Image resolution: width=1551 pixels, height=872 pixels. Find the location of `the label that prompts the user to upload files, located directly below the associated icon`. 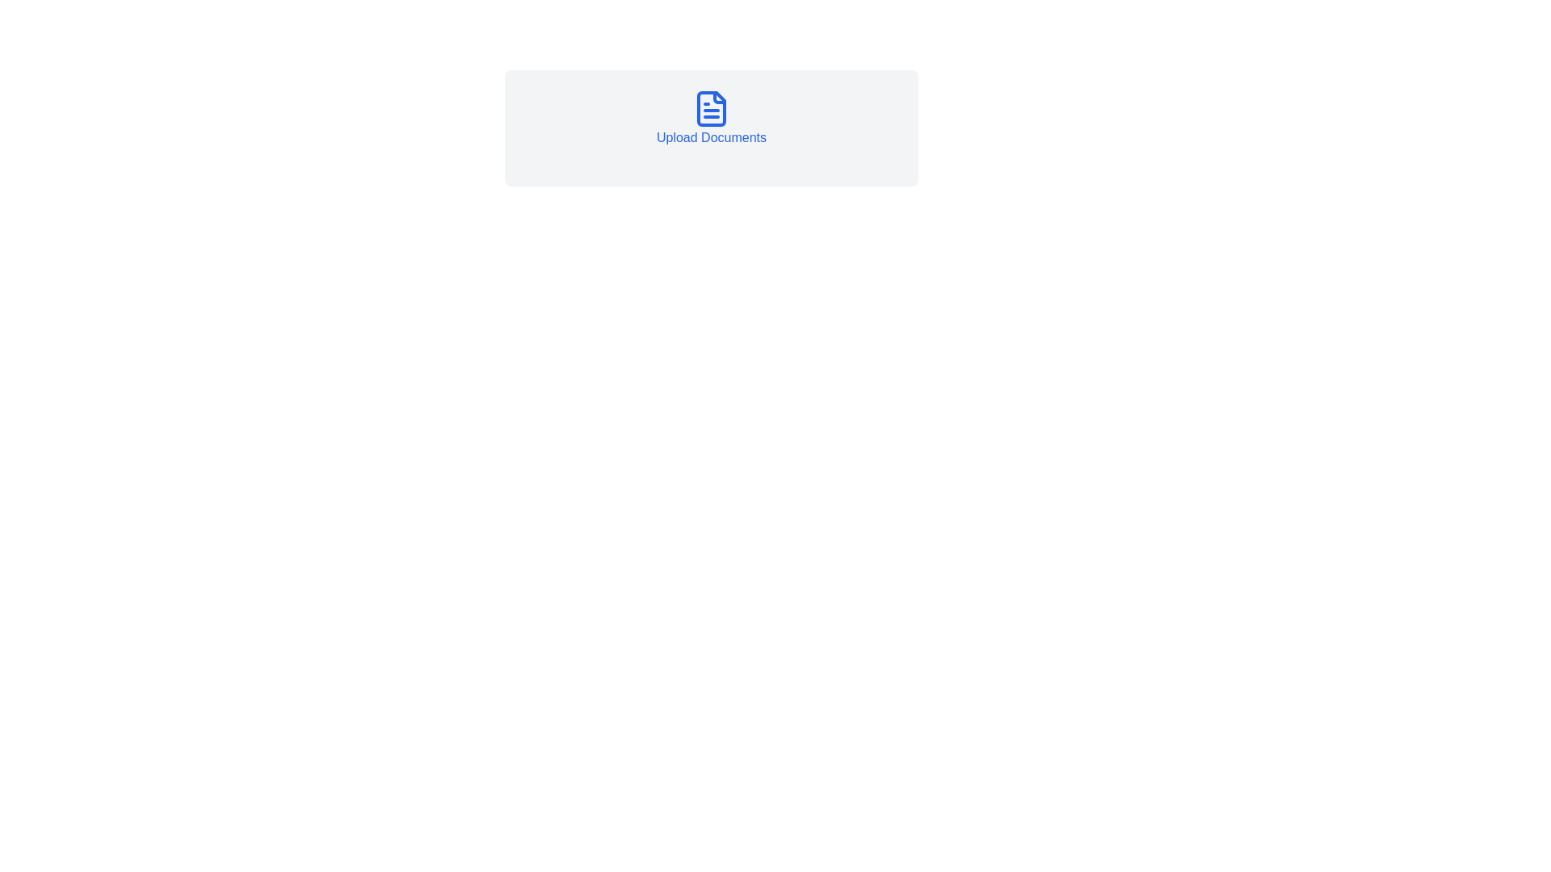

the label that prompts the user to upload files, located directly below the associated icon is located at coordinates (711, 136).